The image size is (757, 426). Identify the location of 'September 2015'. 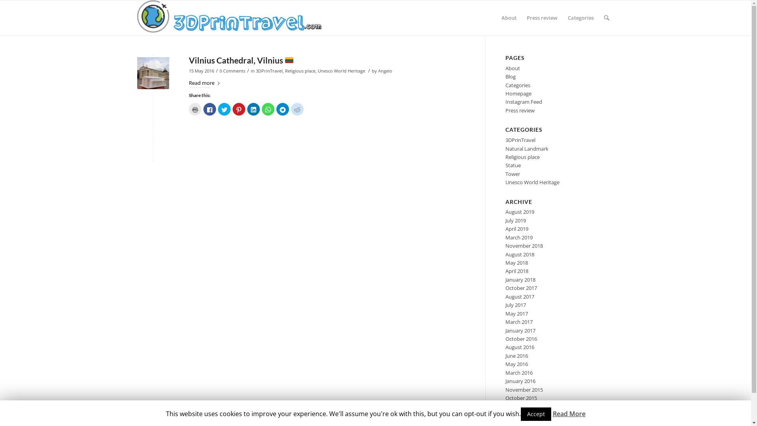
(505, 406).